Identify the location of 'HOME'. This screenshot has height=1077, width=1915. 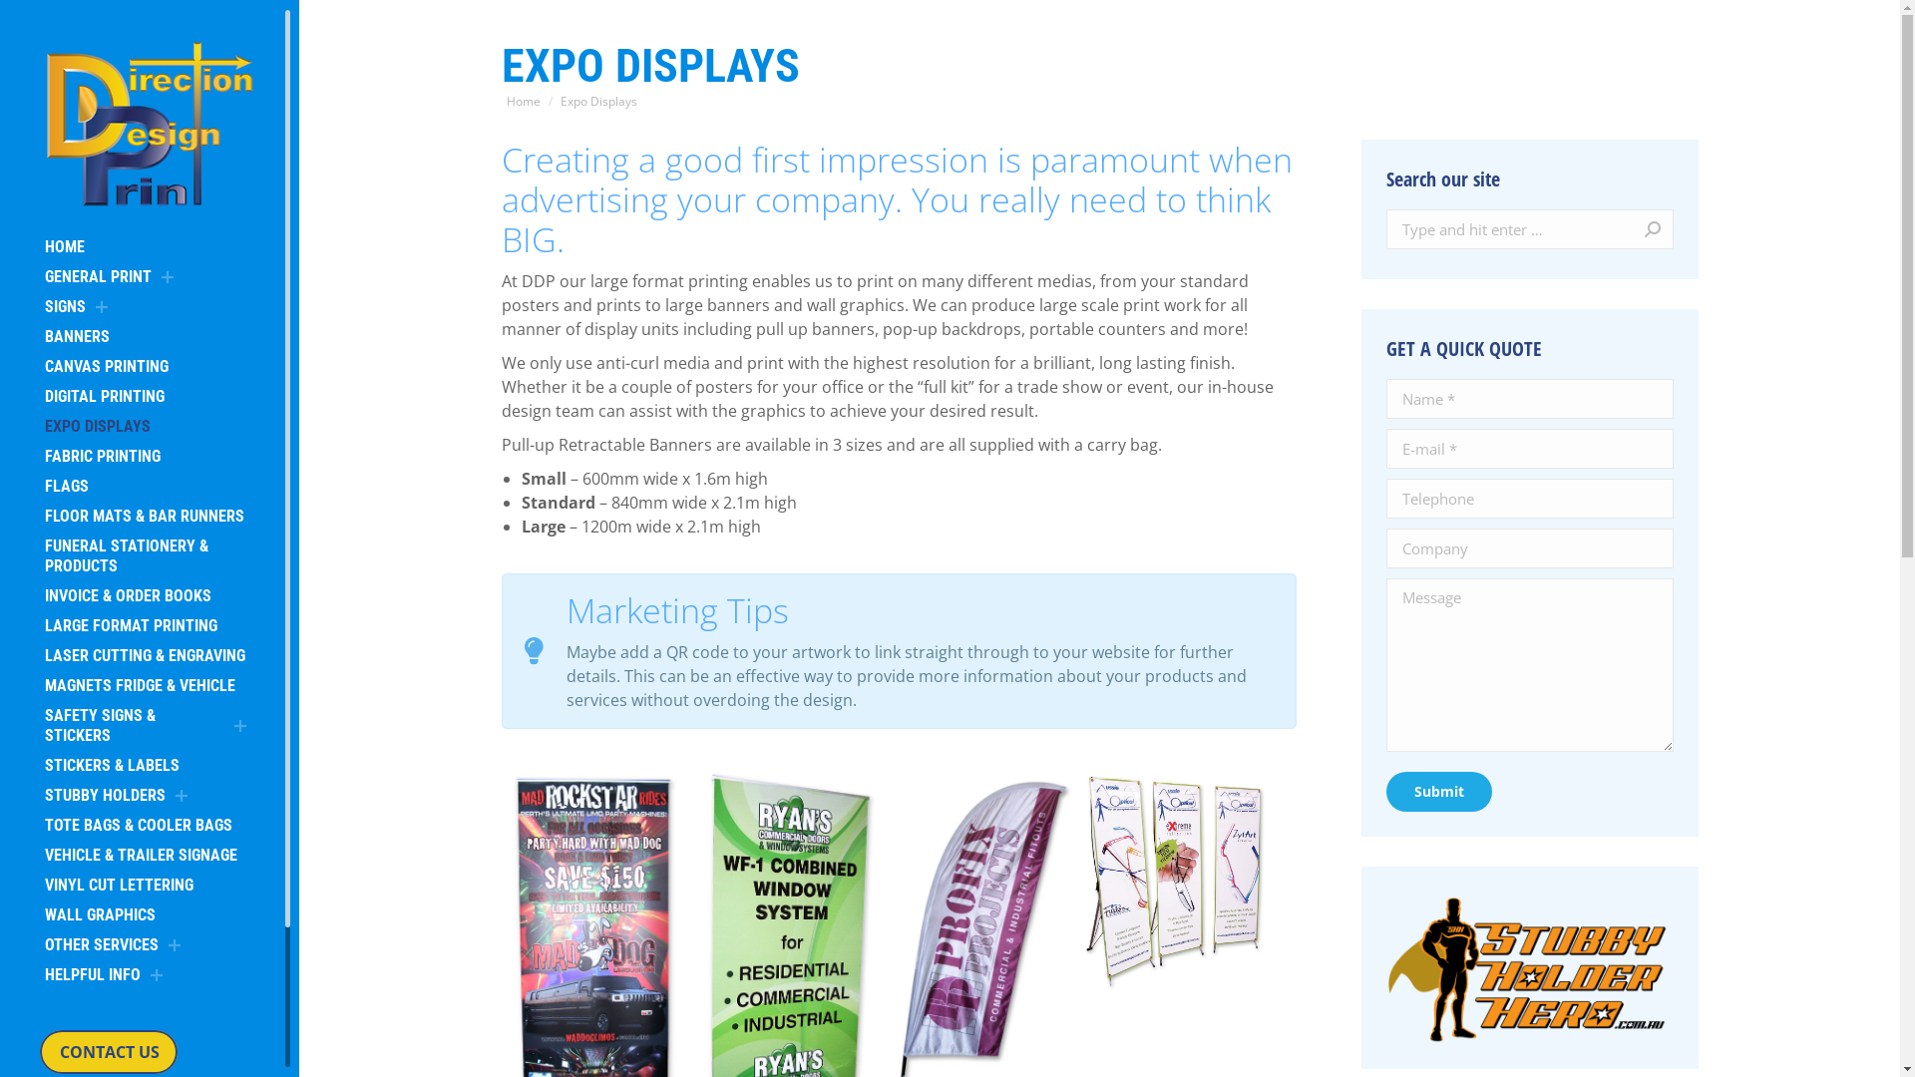
(65, 245).